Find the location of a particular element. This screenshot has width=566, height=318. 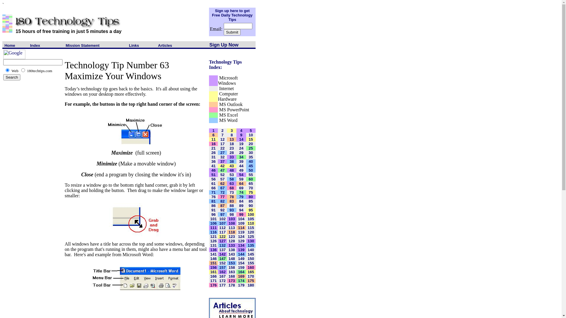

'134' is located at coordinates (241, 245).